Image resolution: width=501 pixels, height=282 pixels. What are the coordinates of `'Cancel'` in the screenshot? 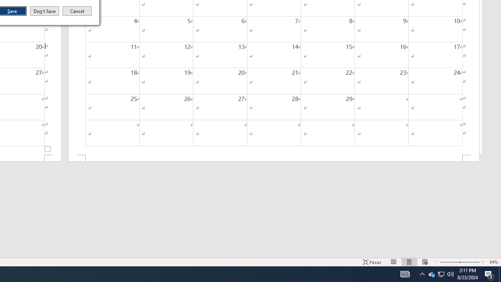 It's located at (77, 11).